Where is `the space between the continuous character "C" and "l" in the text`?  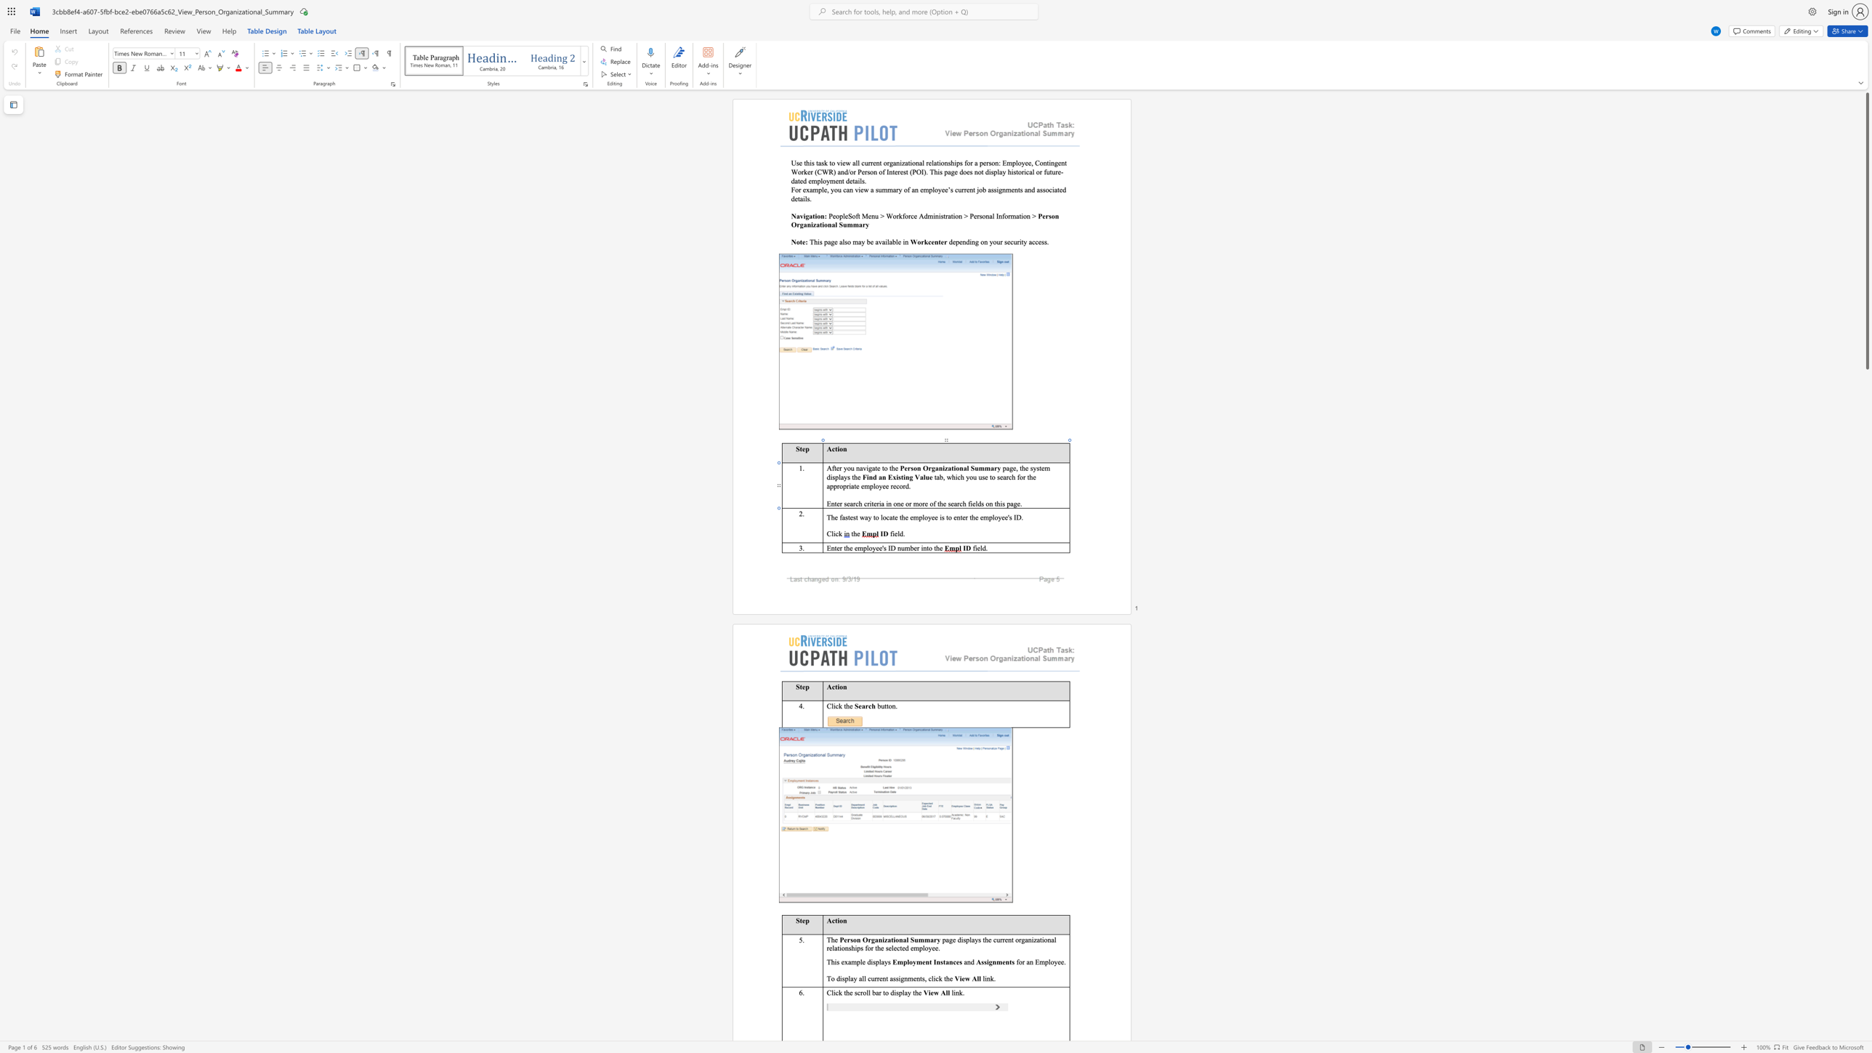
the space between the continuous character "C" and "l" in the text is located at coordinates (830, 706).